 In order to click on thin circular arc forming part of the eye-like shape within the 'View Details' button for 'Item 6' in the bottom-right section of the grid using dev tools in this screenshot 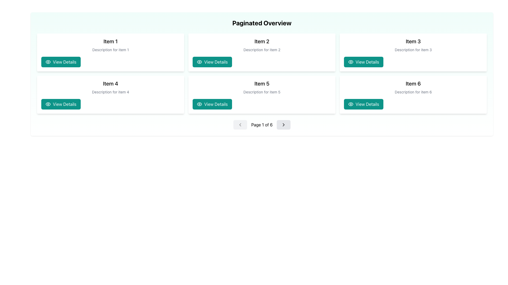, I will do `click(351, 104)`.